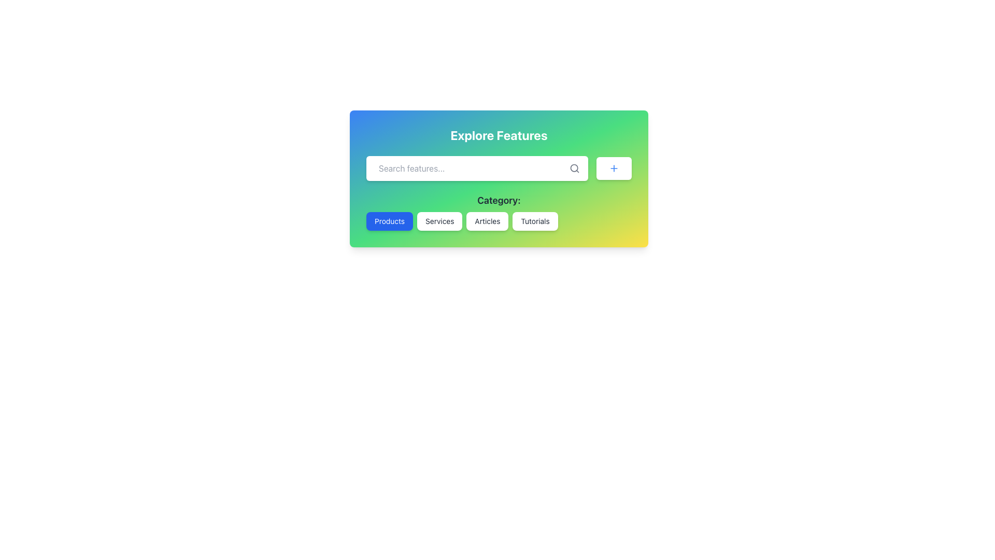  What do you see at coordinates (487, 221) in the screenshot?
I see `the 'Articles' category selector button, which is the third button in a series of four buttons labeled 'Products', 'Services', 'Articles', and 'Tutorials', to visualize hover effects` at bounding box center [487, 221].